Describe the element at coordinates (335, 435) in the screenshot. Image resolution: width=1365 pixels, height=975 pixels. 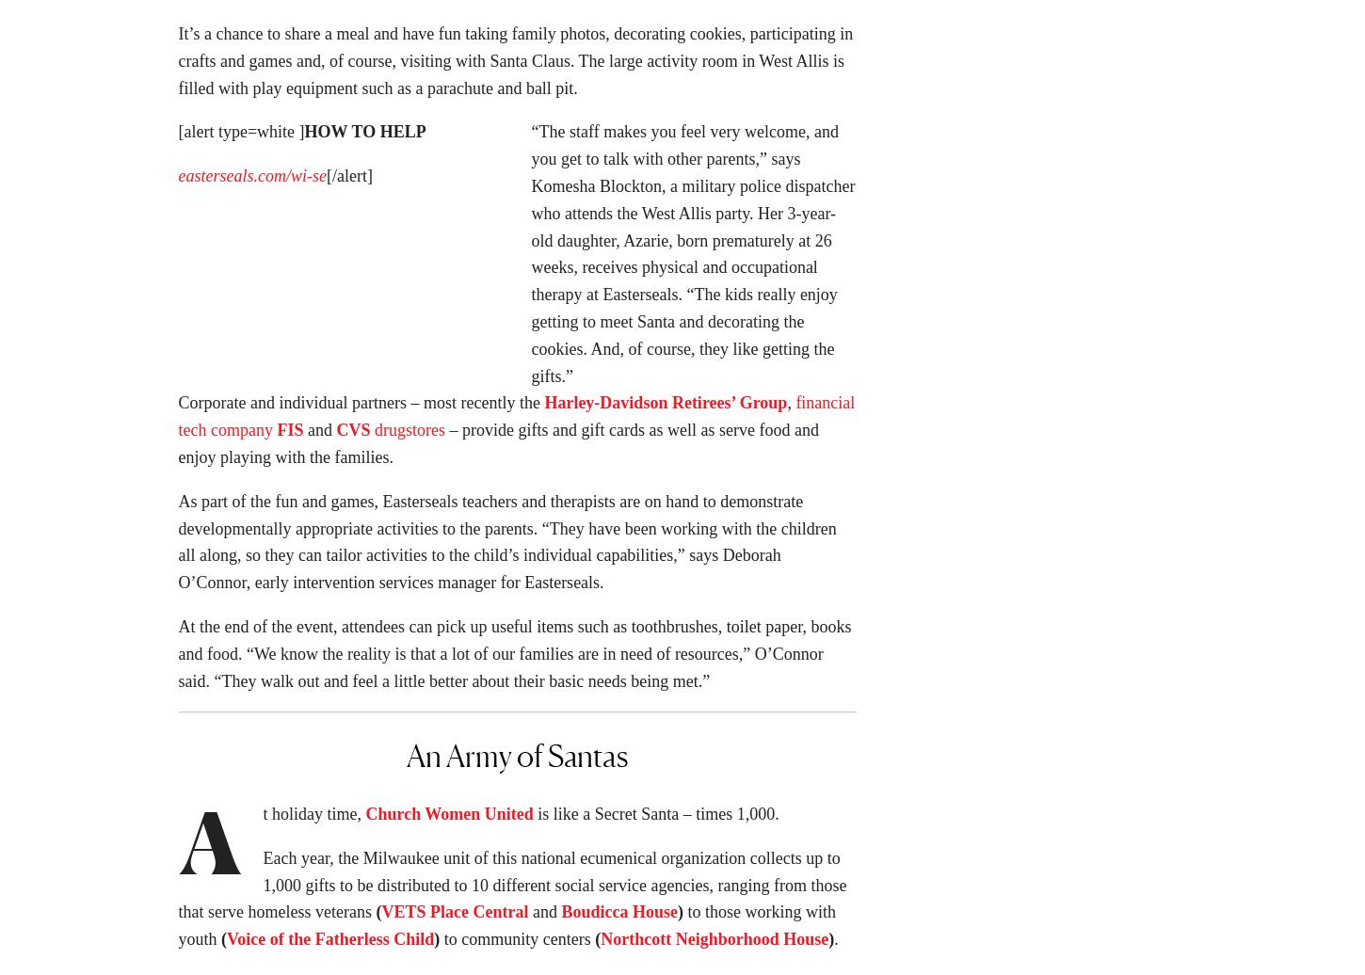
I see `'CVS'` at that location.